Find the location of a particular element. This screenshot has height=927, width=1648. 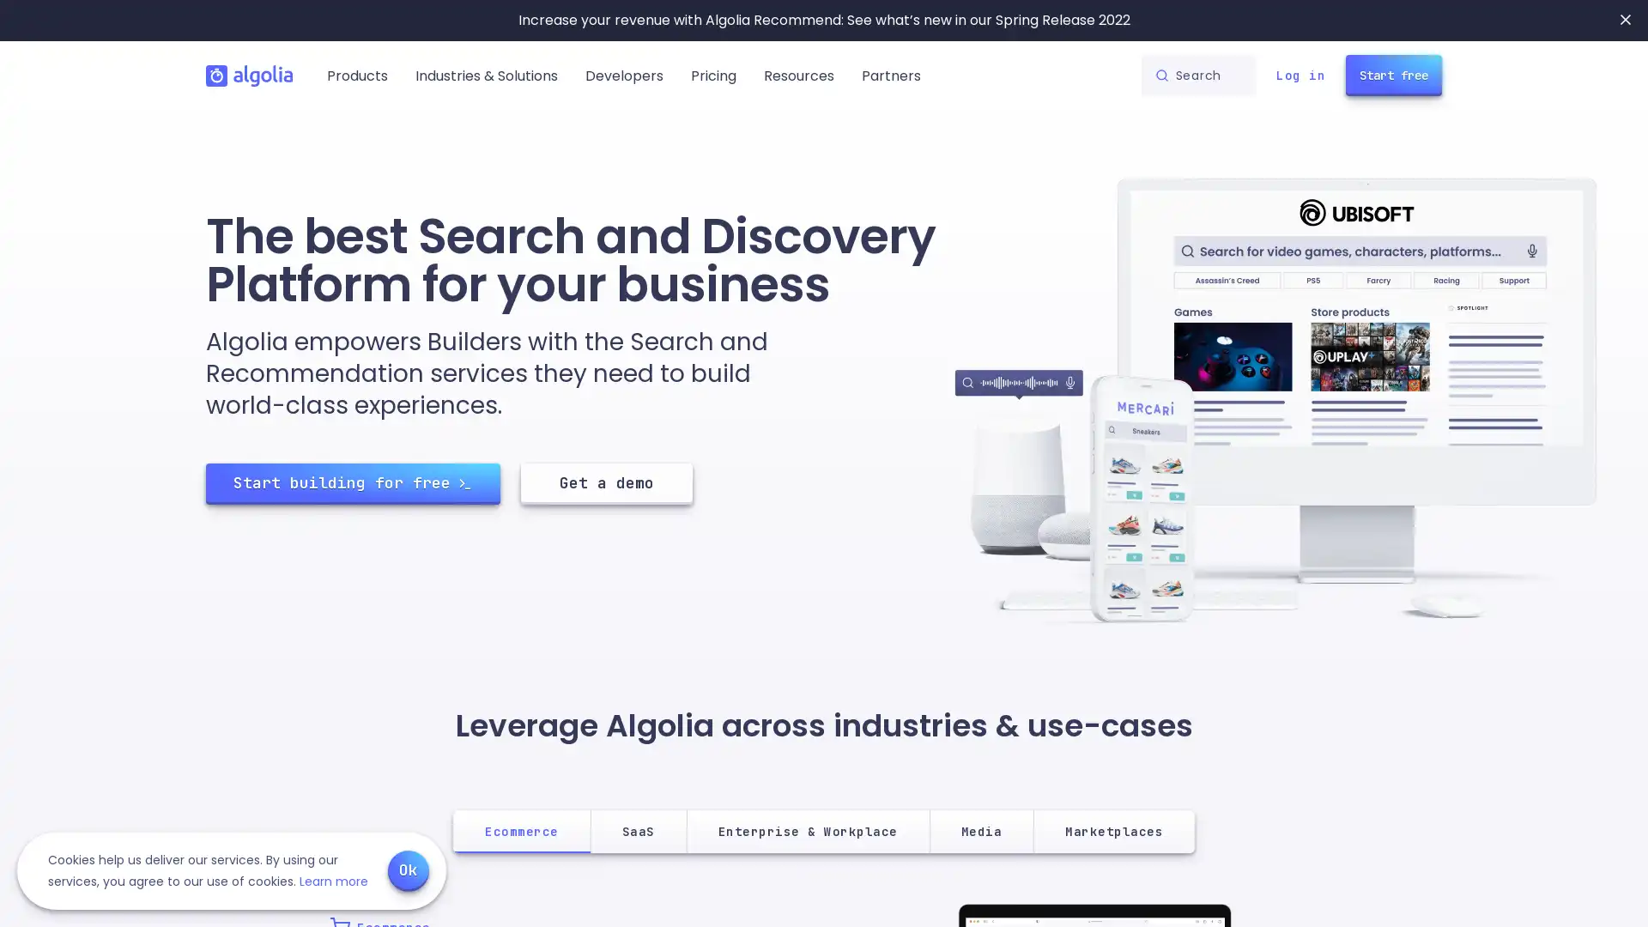

Resources is located at coordinates (805, 75).